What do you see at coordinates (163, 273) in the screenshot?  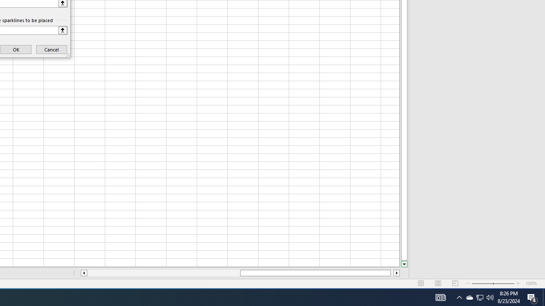 I see `'Page left'` at bounding box center [163, 273].